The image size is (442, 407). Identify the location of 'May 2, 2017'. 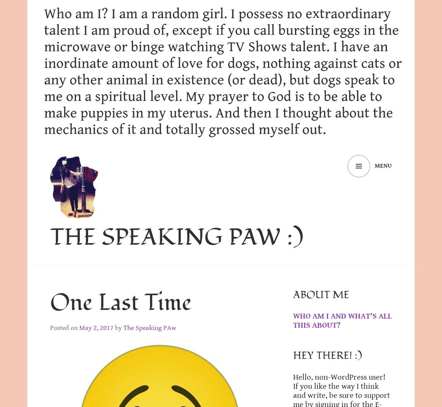
(96, 327).